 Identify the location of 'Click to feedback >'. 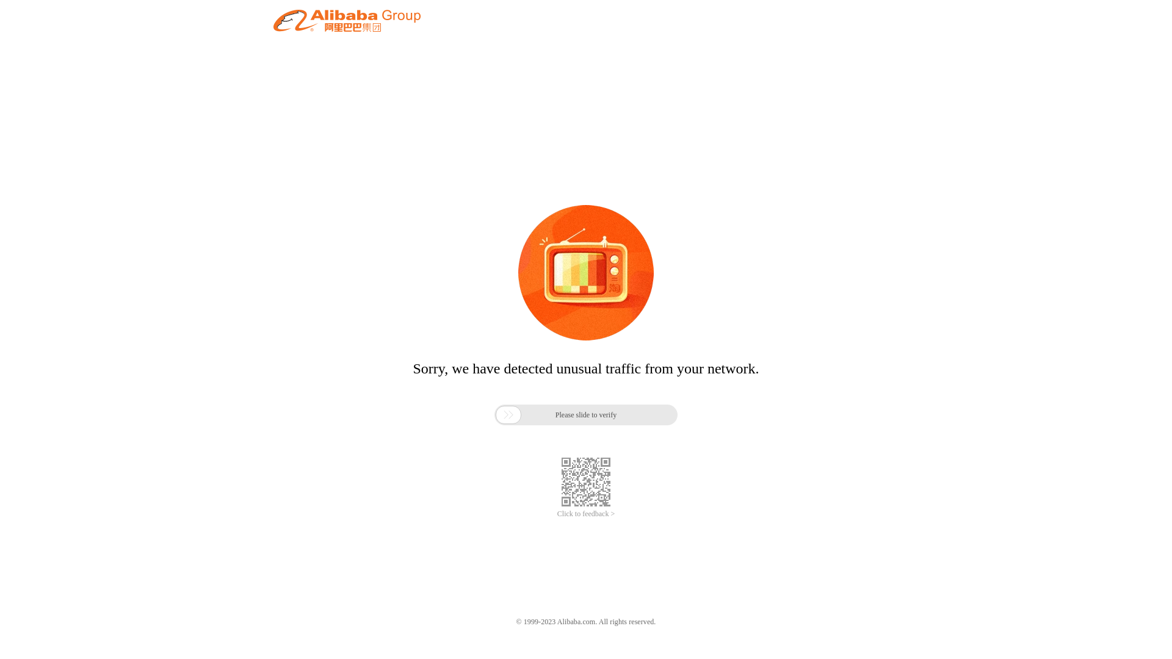
(586, 514).